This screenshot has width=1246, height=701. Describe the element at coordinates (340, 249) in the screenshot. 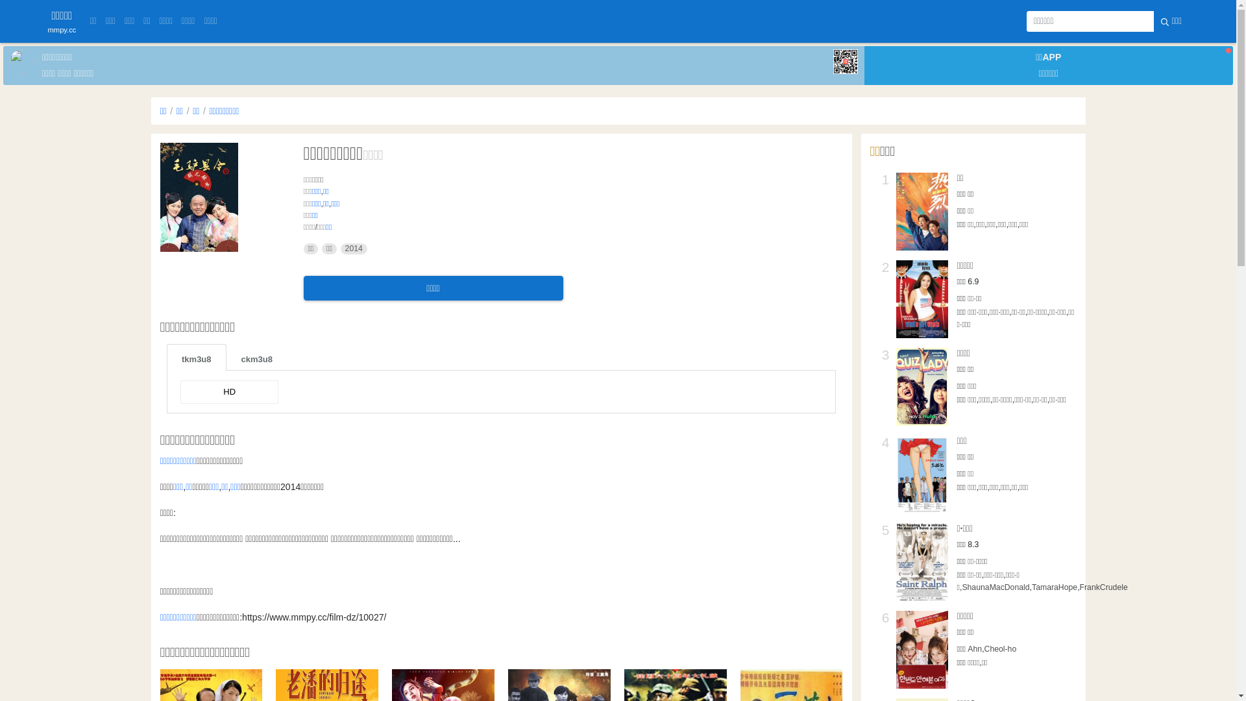

I see `'2014'` at that location.